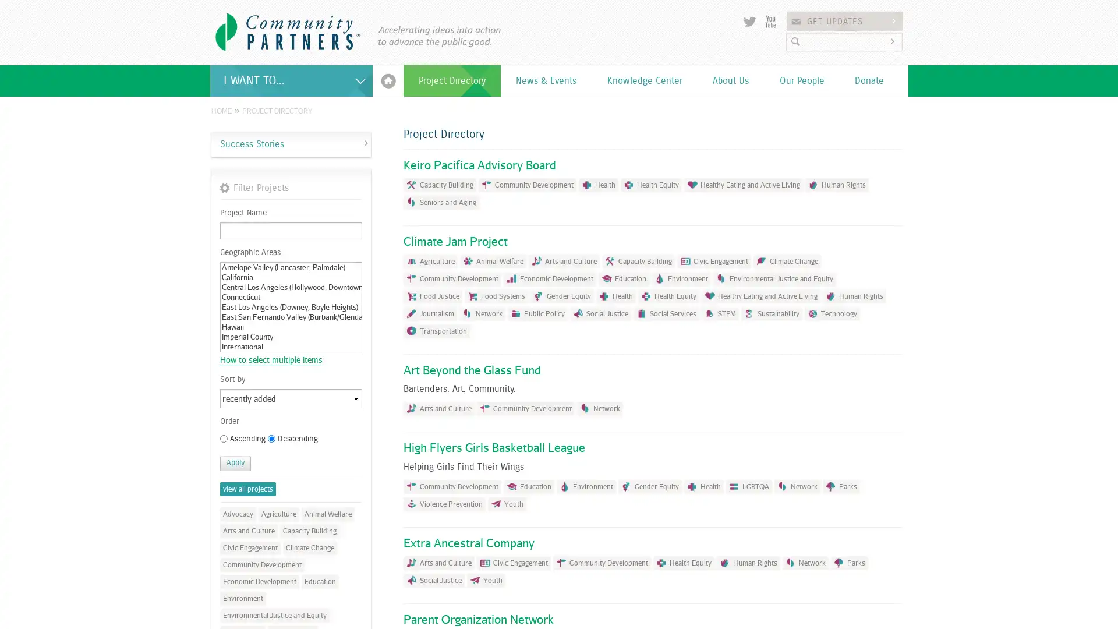 The height and width of the screenshot is (629, 1118). I want to click on Apply, so click(235, 462).